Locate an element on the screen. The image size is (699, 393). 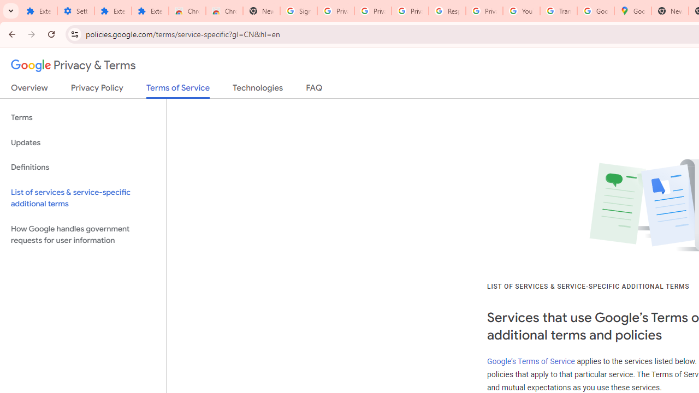
'Extensions' is located at coordinates (149, 11).